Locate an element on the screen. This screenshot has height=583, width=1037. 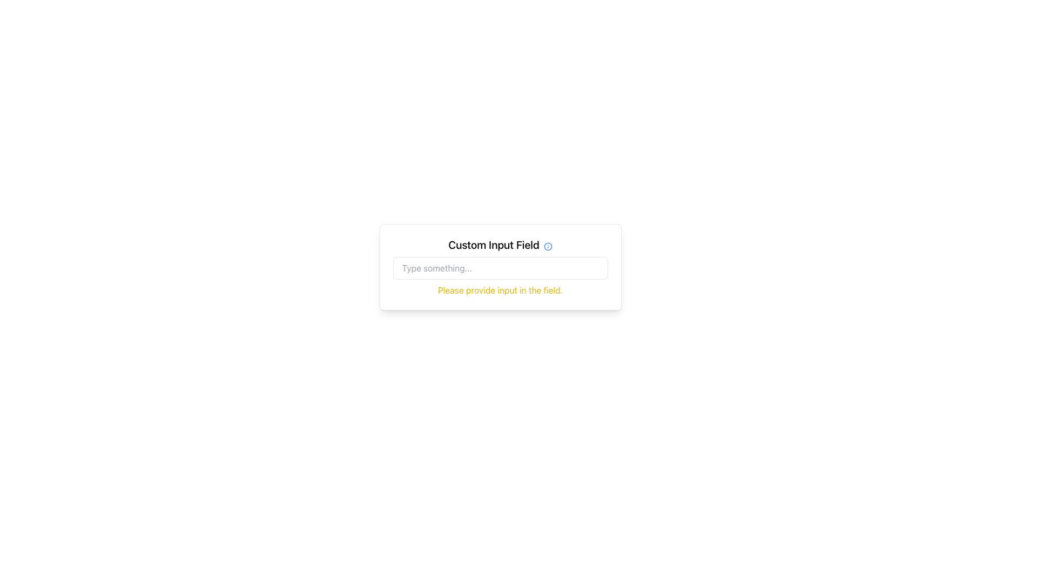
circle element that serves as a background or highlight within the information icon adjacent to the 'Custom Input Field' label is located at coordinates (548, 246).